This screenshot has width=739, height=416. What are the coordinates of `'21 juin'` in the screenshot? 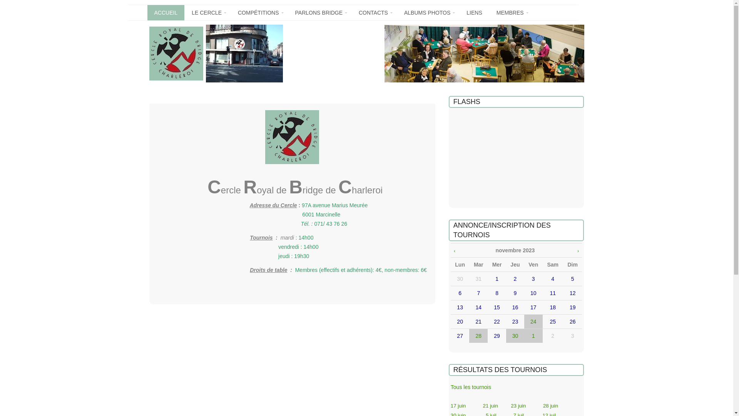 It's located at (482, 405).